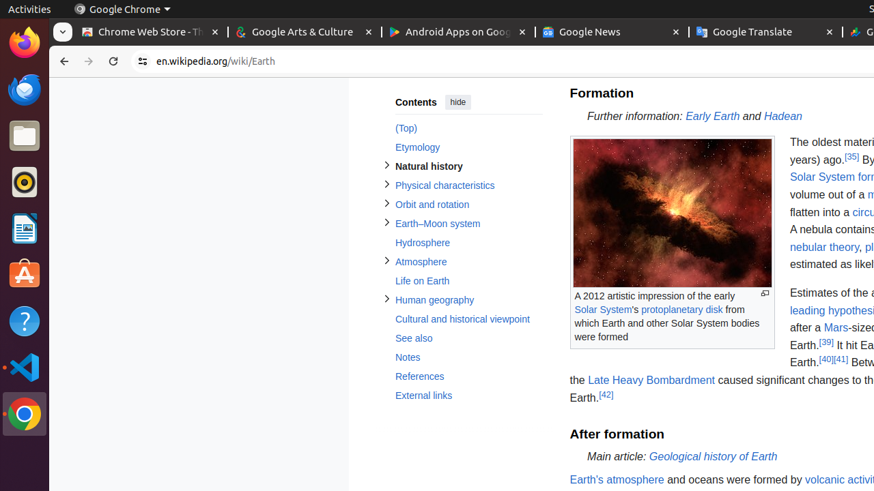 The image size is (874, 491). I want to click on 'Mars', so click(835, 328).